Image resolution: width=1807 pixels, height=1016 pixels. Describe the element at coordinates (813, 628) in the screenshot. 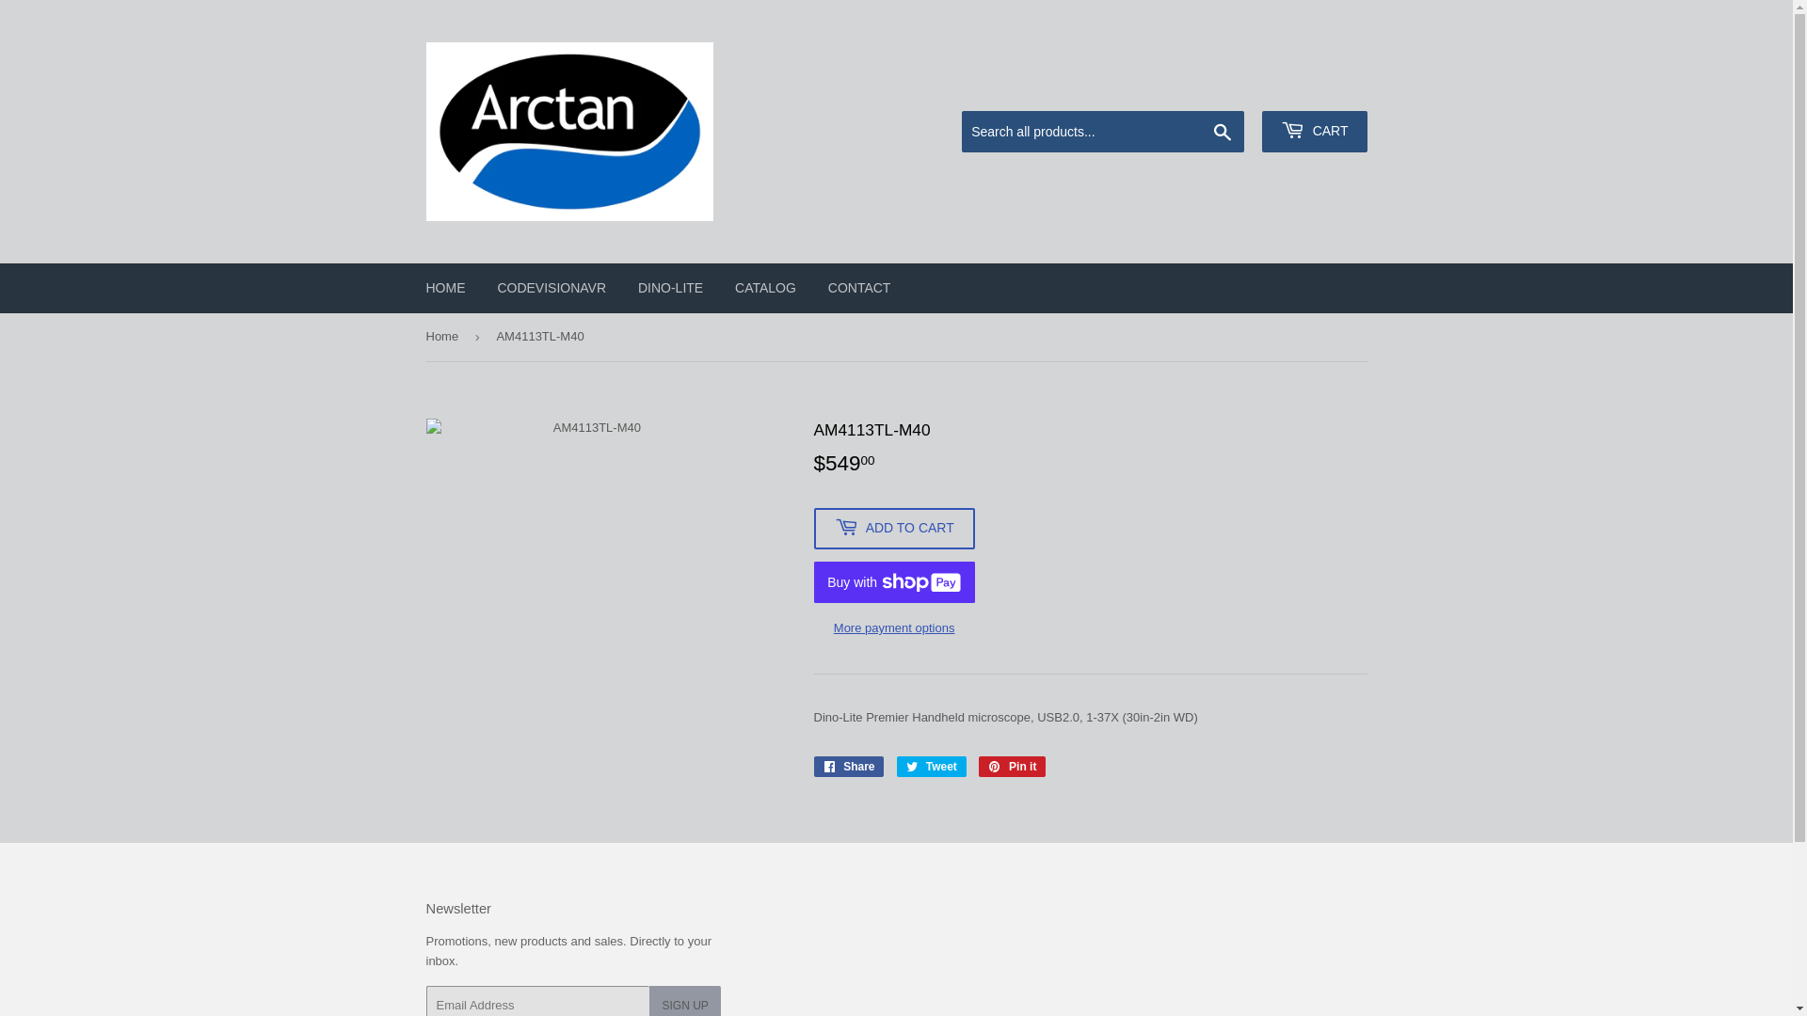

I see `'More payment options'` at that location.